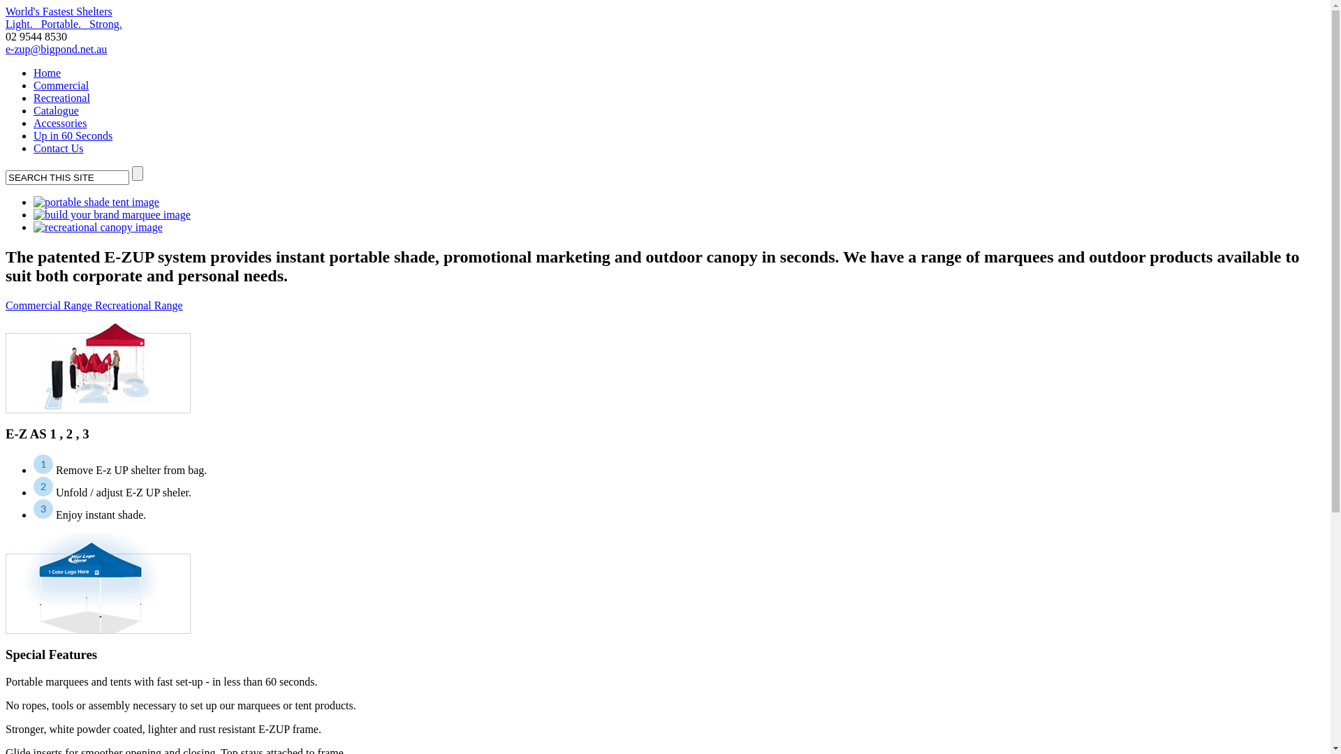  Describe the element at coordinates (50, 304) in the screenshot. I see `'Commercial Range'` at that location.